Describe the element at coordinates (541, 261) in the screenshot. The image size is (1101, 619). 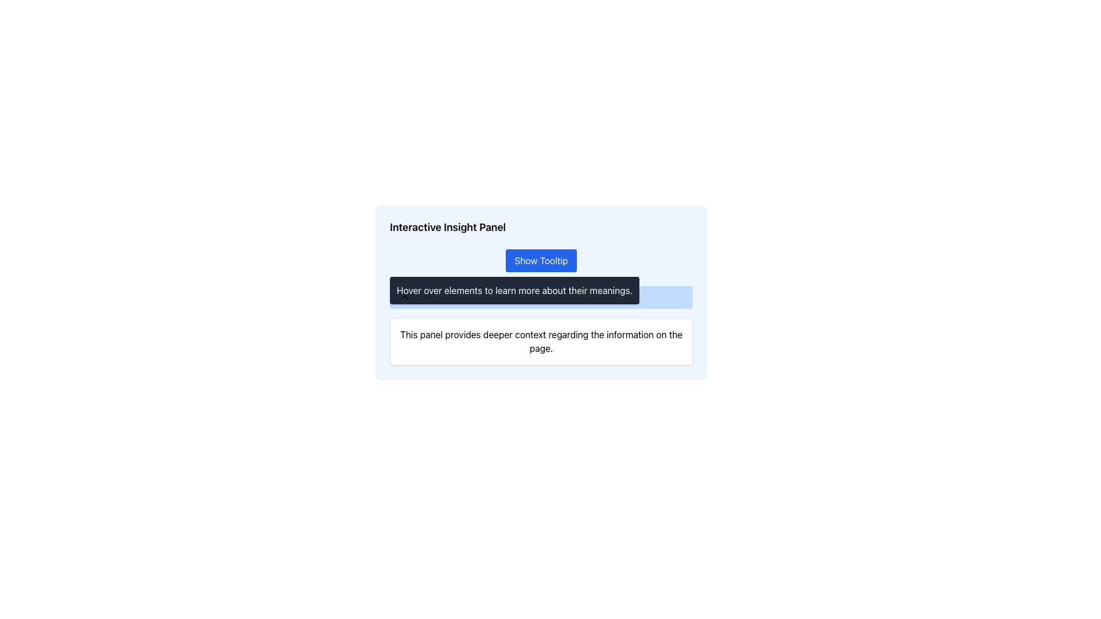
I see `the button located in the 'Interactive Insight Panel' that triggers a tooltip` at that location.